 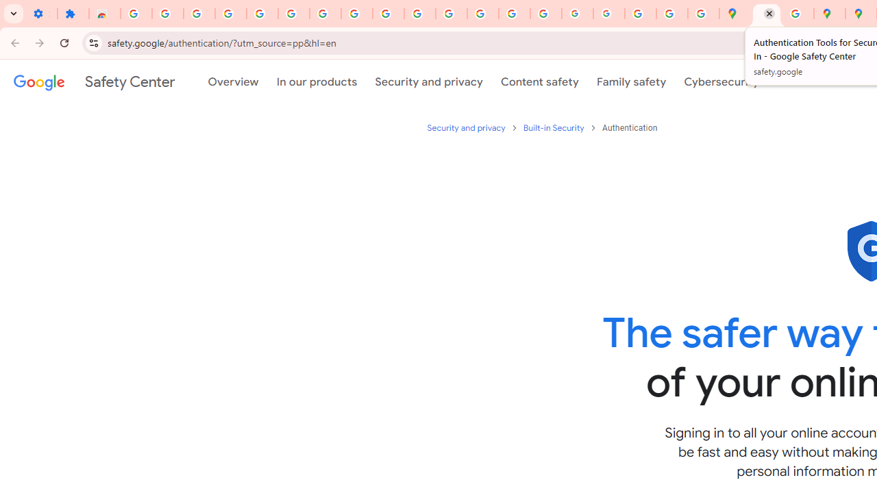 What do you see at coordinates (93, 81) in the screenshot?
I see `'Safety Center'` at bounding box center [93, 81].